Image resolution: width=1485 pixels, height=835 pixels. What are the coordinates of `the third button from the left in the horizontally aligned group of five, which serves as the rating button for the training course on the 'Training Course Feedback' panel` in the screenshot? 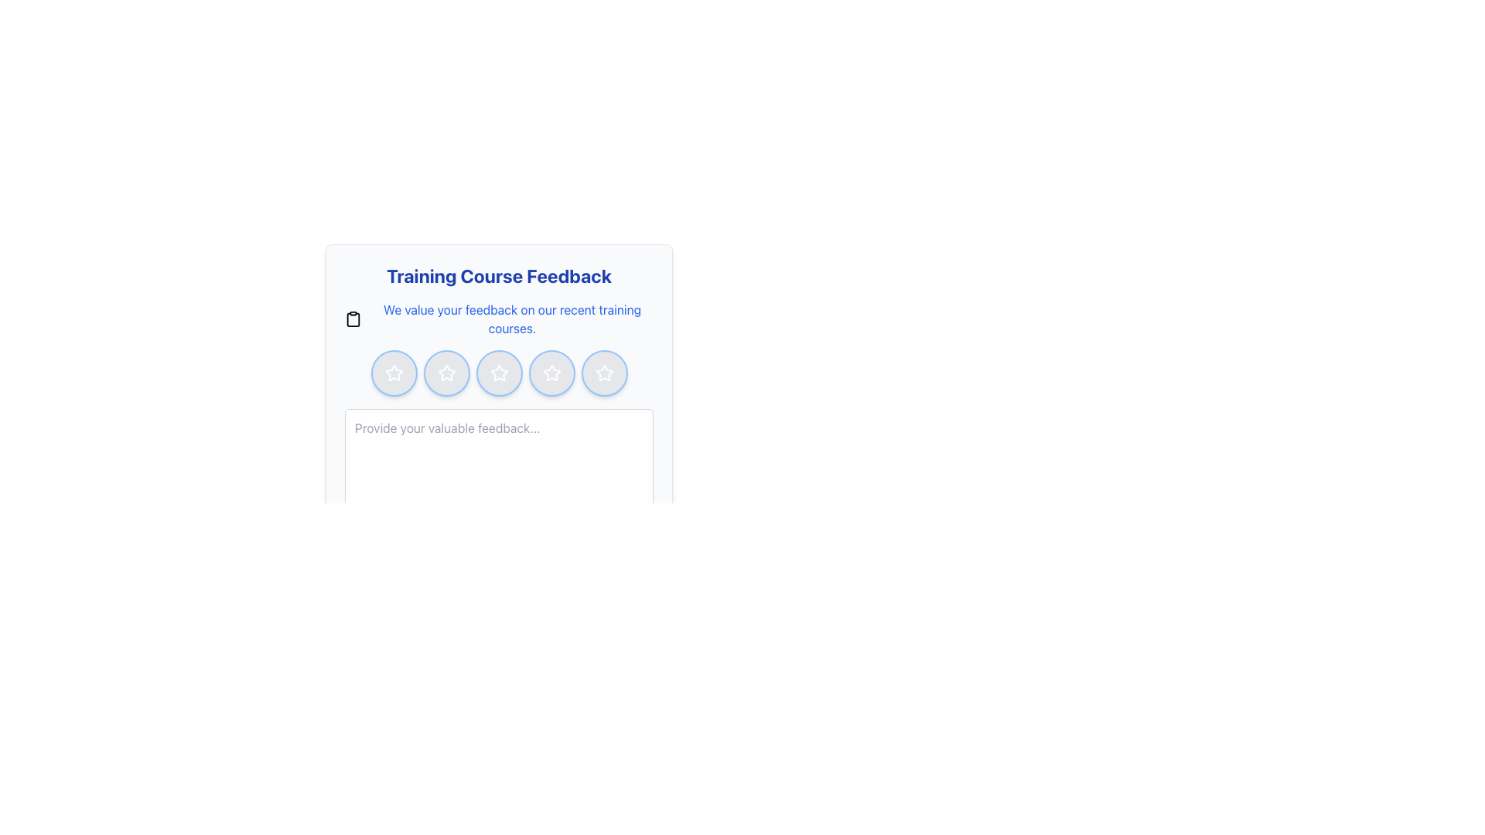 It's located at (499, 373).